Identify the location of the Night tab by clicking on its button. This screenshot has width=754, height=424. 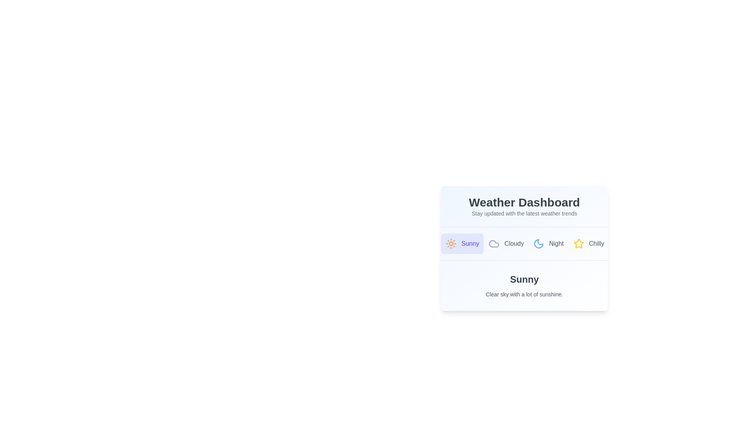
(548, 243).